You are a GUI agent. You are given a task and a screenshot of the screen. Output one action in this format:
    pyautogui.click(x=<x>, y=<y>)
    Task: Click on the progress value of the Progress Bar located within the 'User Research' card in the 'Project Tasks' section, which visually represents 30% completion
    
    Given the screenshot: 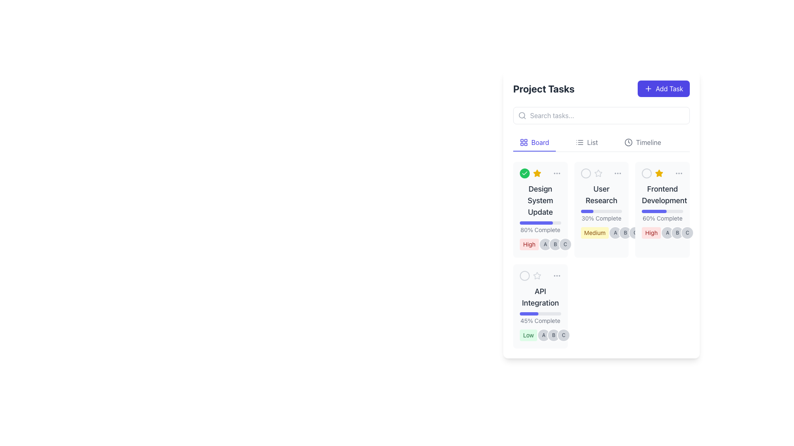 What is the action you would take?
    pyautogui.click(x=601, y=211)
    